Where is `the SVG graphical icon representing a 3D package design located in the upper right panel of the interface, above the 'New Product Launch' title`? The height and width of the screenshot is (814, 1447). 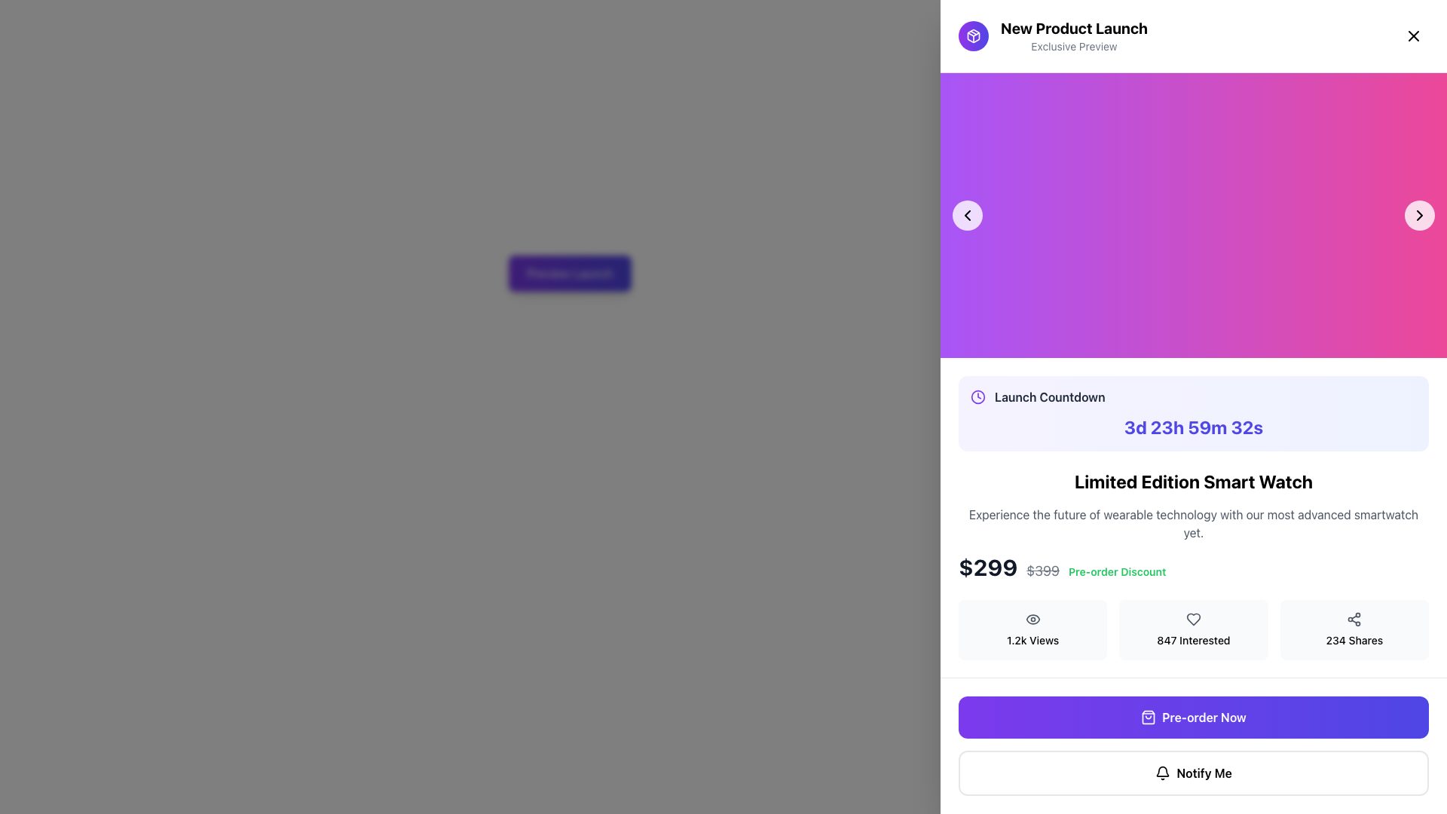 the SVG graphical icon representing a 3D package design located in the upper right panel of the interface, above the 'New Product Launch' title is located at coordinates (973, 35).